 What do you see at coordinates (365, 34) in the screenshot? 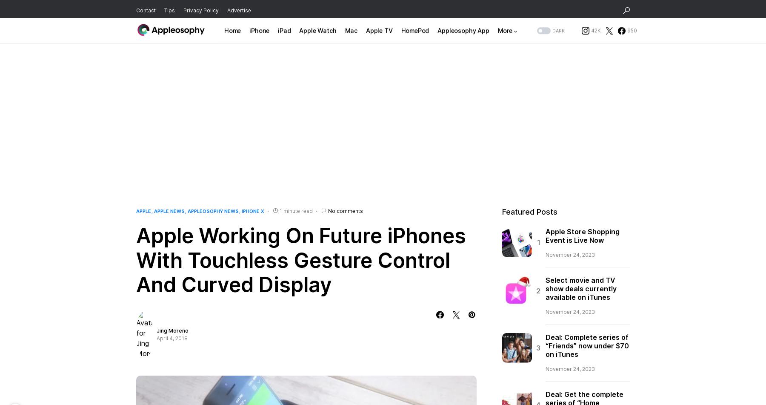
I see `'Apple TV'` at bounding box center [365, 34].